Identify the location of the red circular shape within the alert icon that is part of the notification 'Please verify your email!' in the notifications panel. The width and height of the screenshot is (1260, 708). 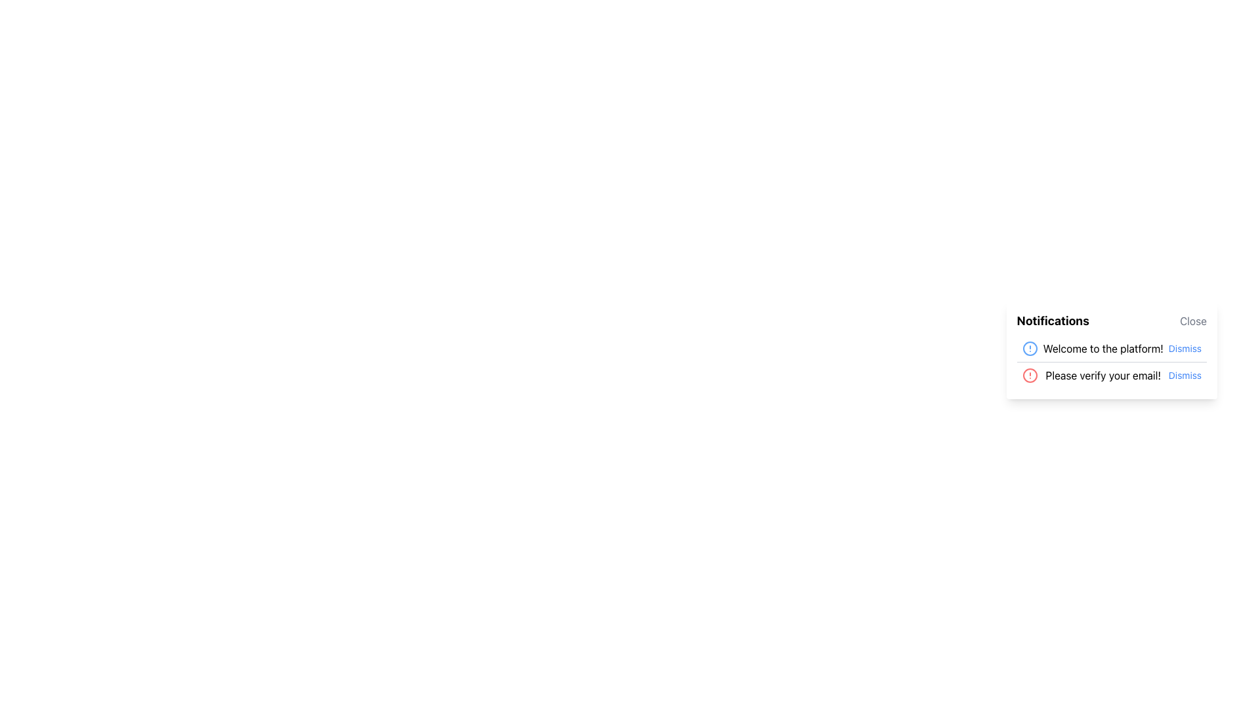
(1029, 376).